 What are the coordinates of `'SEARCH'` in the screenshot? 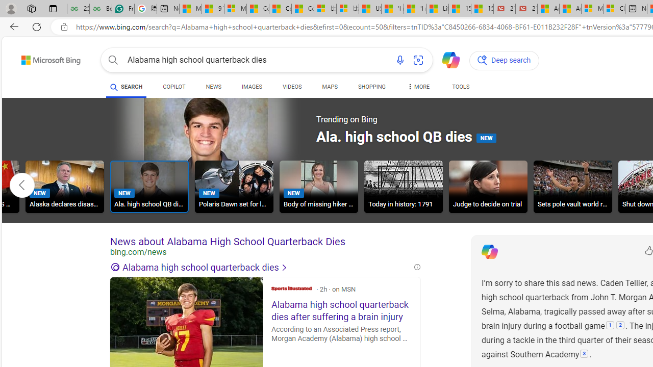 It's located at (125, 87).